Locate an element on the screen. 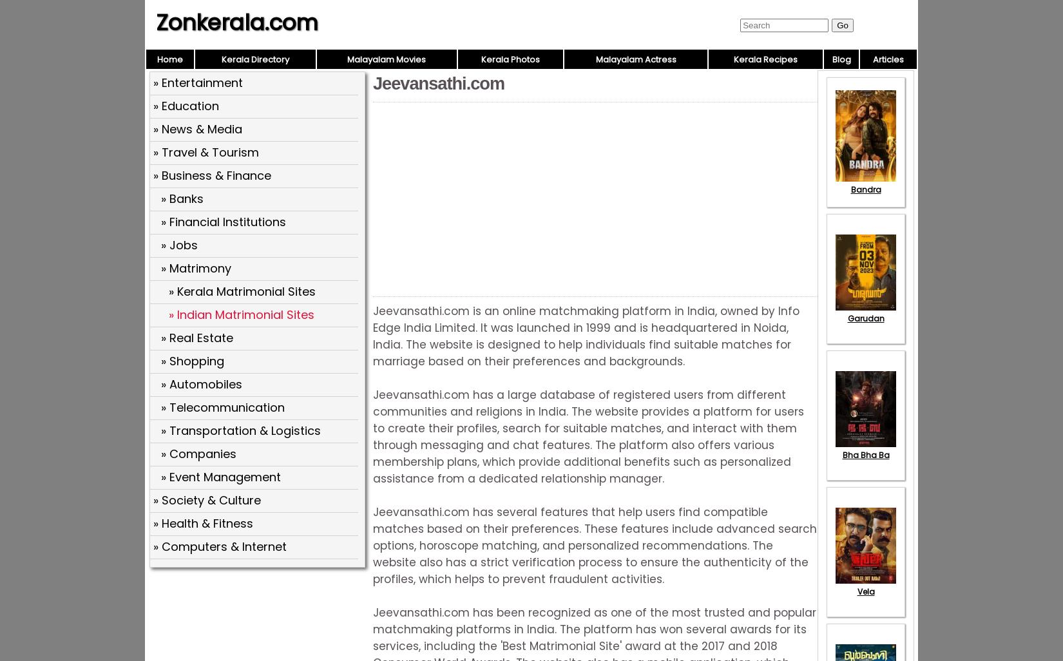  '» Kerala Matrimonial Sites' is located at coordinates (169, 291).